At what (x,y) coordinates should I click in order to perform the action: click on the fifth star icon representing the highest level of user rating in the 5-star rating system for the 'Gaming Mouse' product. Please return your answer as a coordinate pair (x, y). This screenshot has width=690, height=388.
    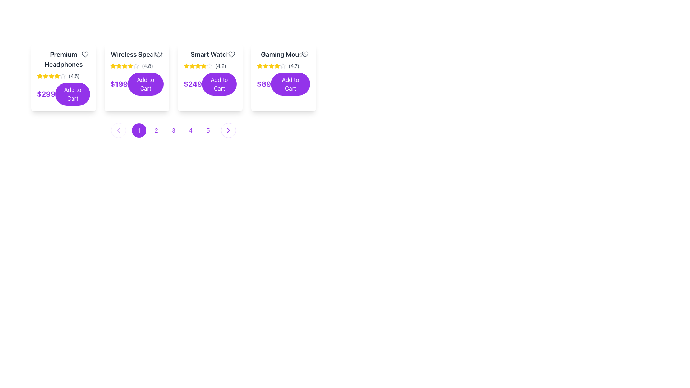
    Looking at the image, I should click on (271, 66).